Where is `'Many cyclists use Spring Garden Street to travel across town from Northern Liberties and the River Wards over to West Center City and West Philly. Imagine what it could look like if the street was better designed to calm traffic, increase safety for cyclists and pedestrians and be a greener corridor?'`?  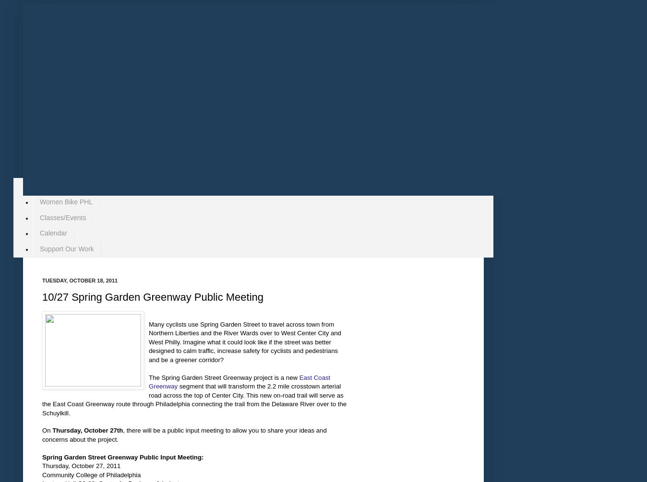 'Many cyclists use Spring Garden Street to travel across town from Northern Liberties and the River Wards over to West Center City and West Philly. Imagine what it could look like if the street was better designed to calm traffic, increase safety for cyclists and pedestrians and be a greener corridor?' is located at coordinates (244, 341).